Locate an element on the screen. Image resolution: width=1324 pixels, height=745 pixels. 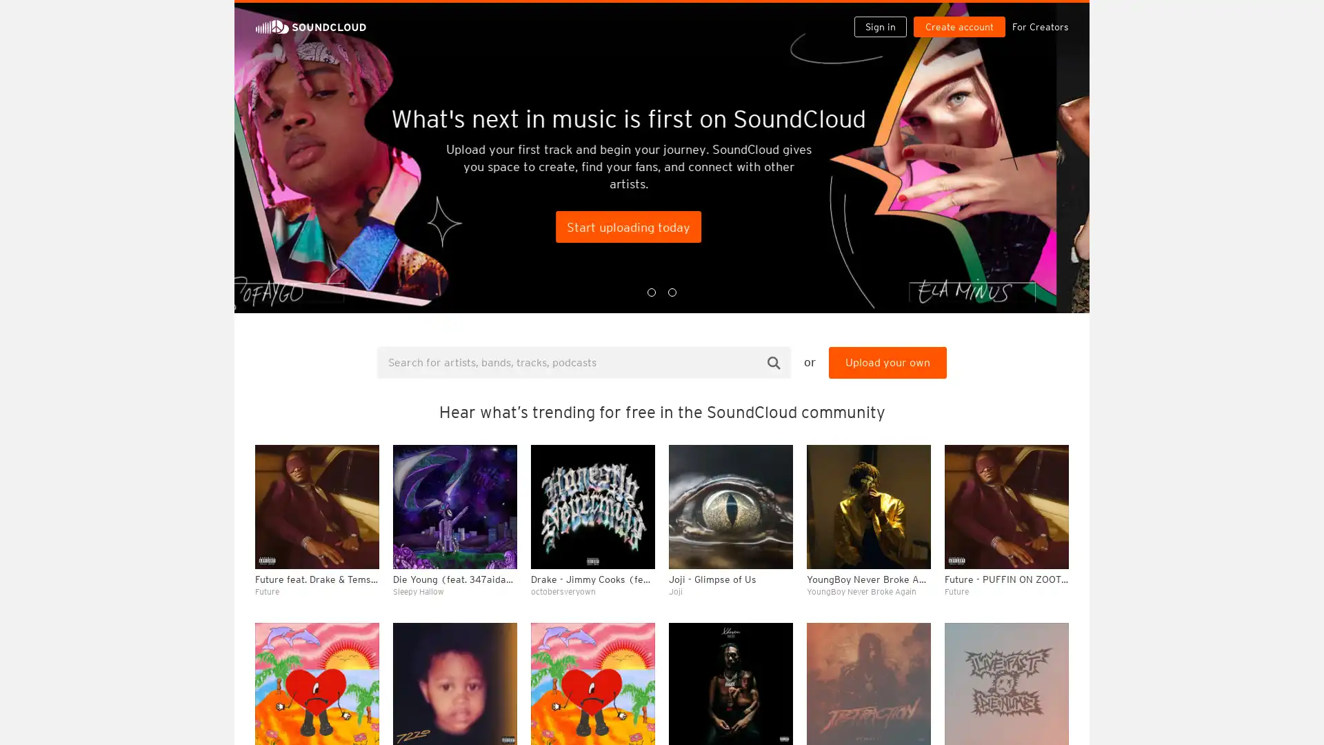
Search is located at coordinates (836, 15).